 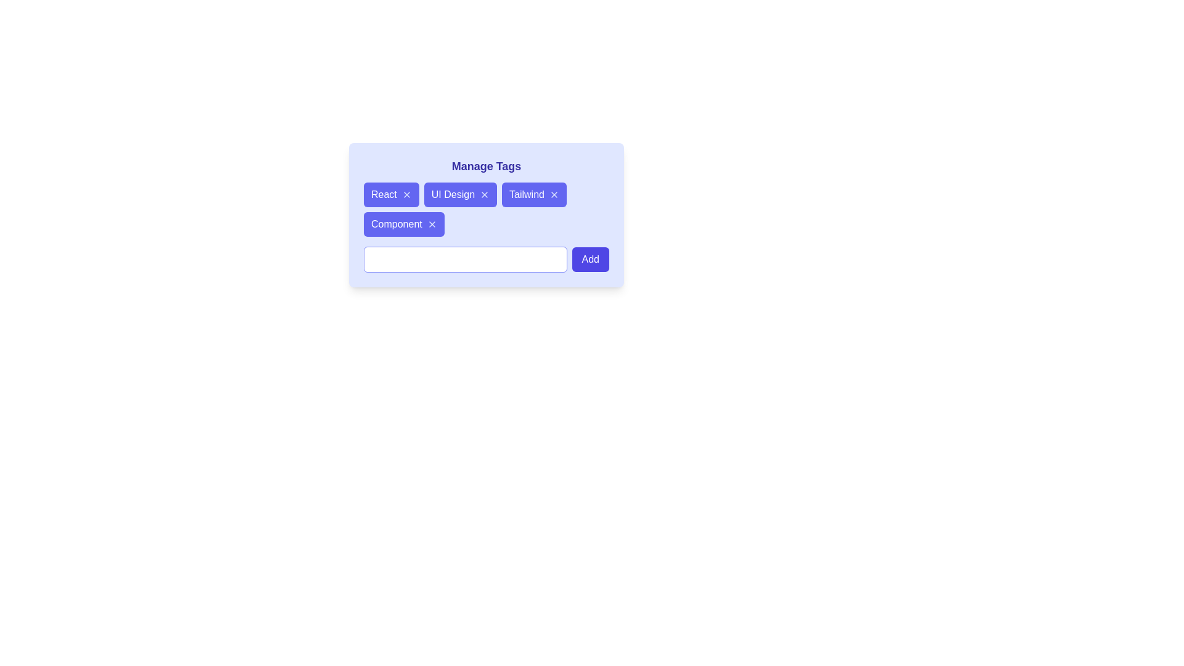 What do you see at coordinates (464, 258) in the screenshot?
I see `the input field to focus it` at bounding box center [464, 258].